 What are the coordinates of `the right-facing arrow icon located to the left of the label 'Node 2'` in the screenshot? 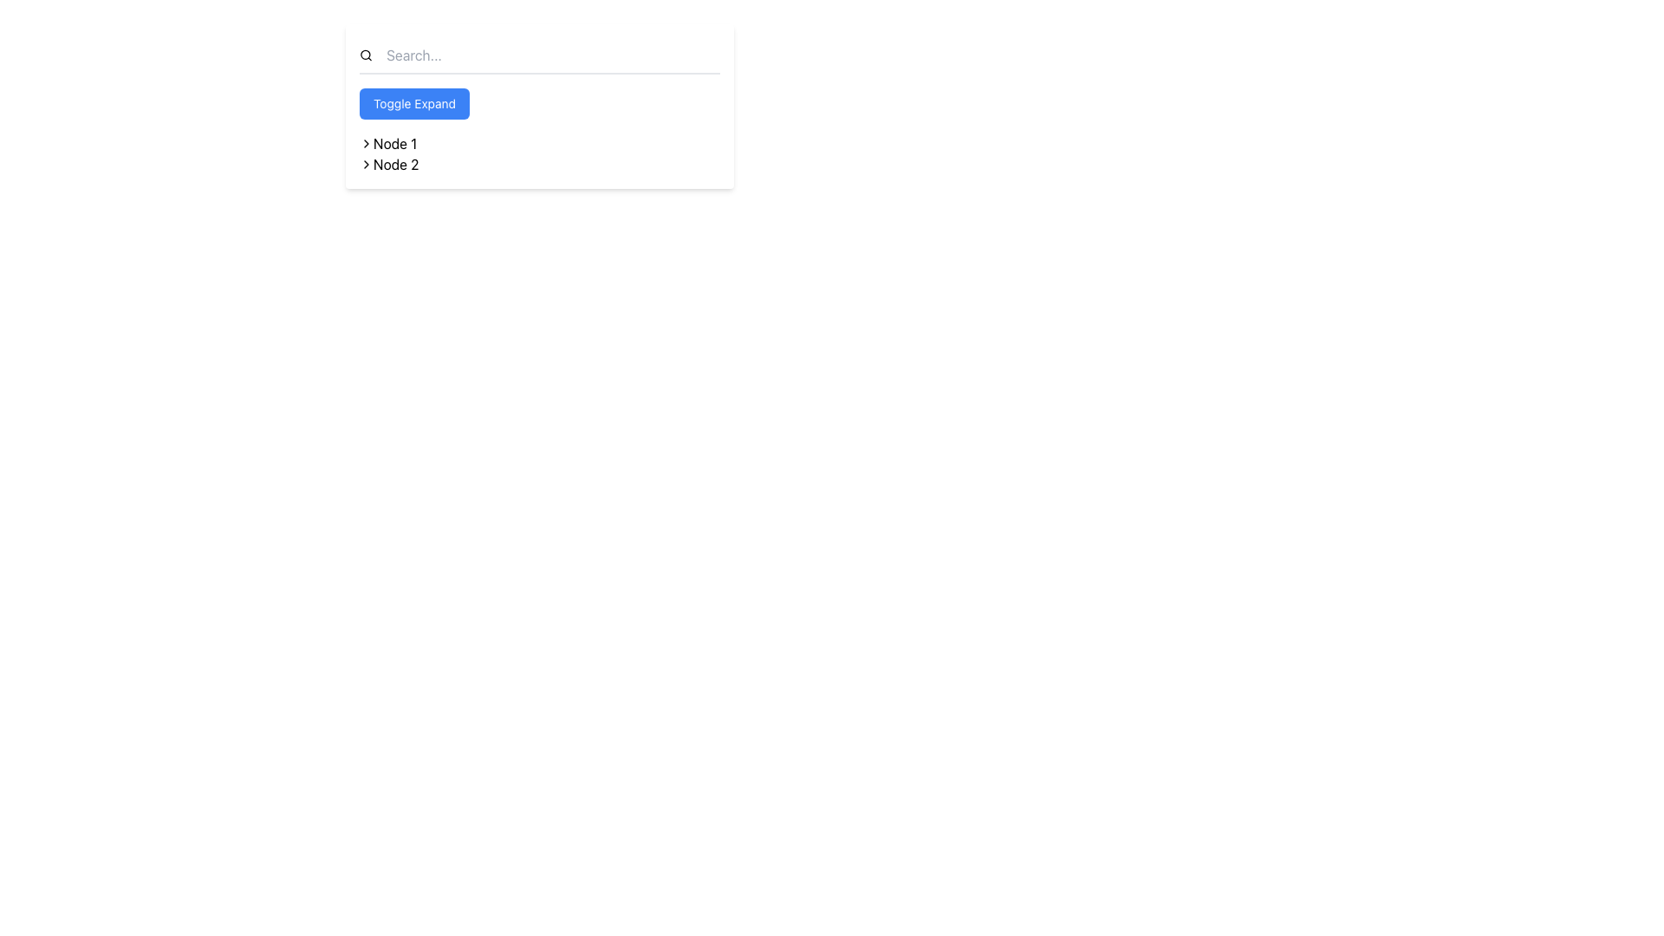 It's located at (365, 164).